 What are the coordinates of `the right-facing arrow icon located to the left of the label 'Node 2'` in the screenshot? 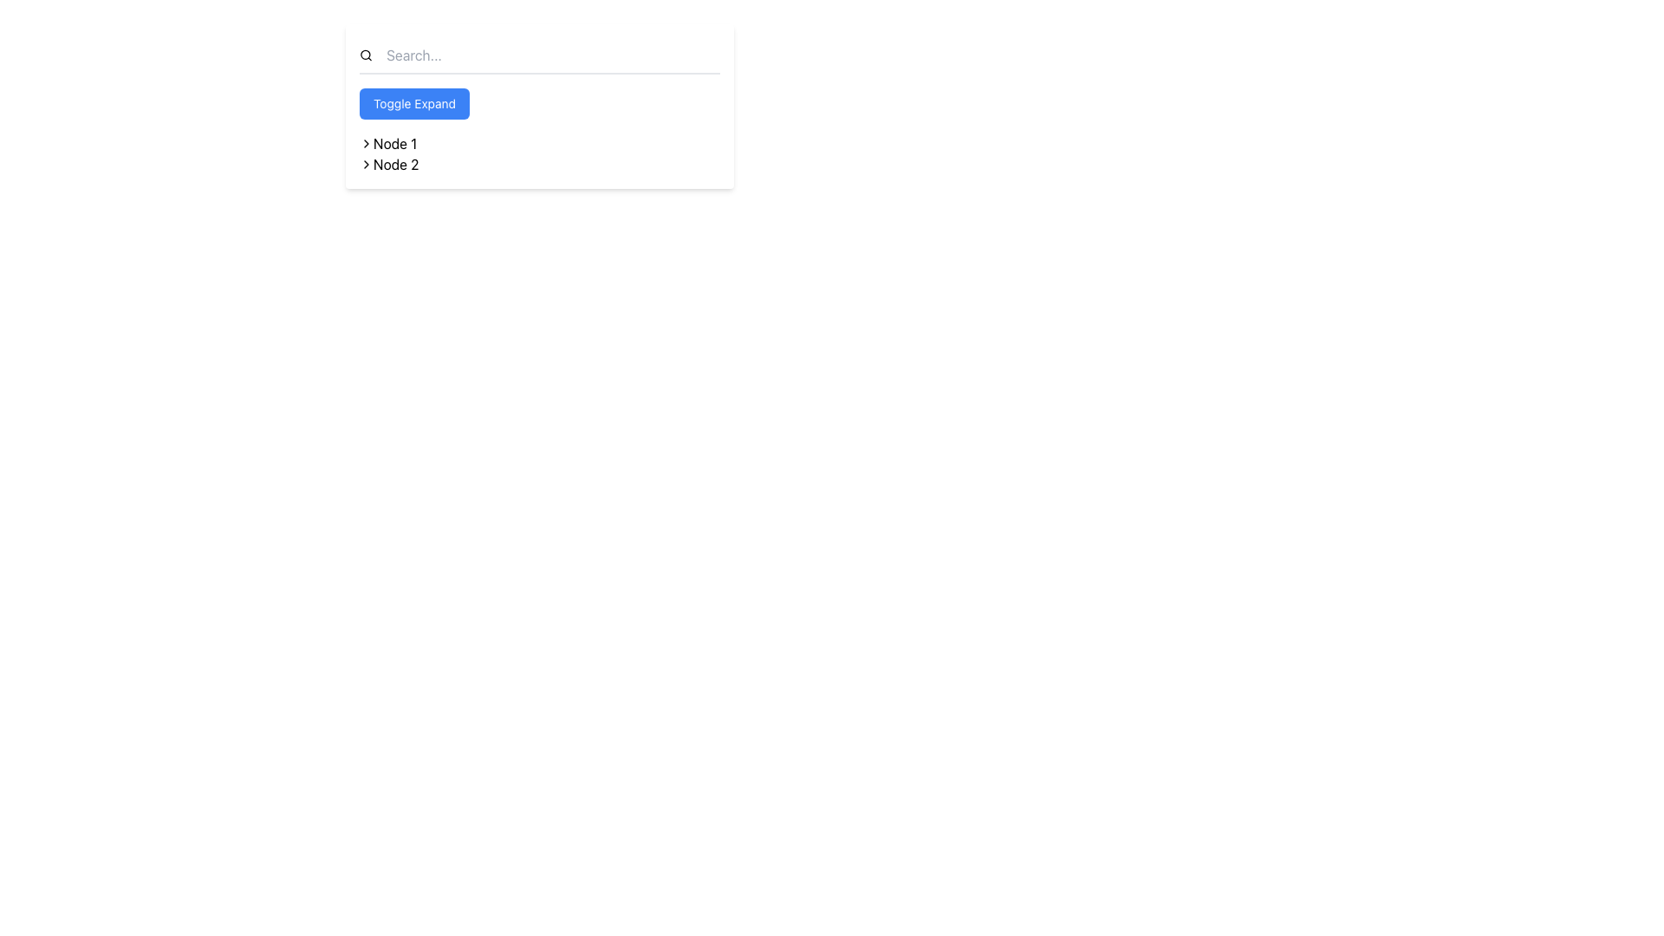 It's located at (365, 164).